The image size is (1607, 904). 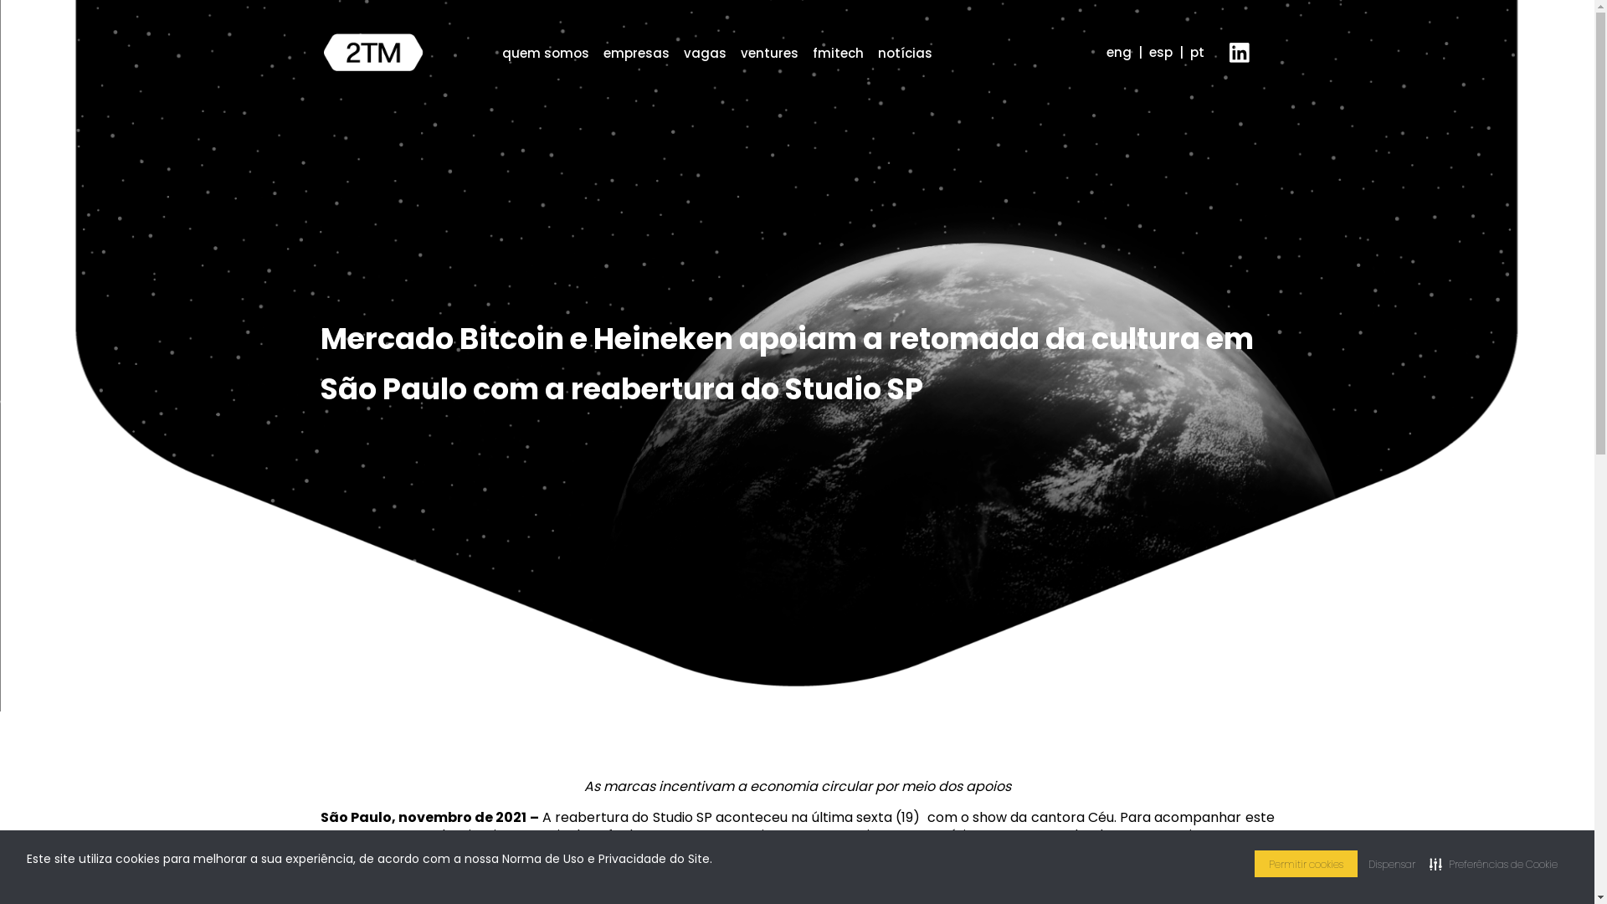 What do you see at coordinates (1305, 864) in the screenshot?
I see `'Permitir cookies'` at bounding box center [1305, 864].